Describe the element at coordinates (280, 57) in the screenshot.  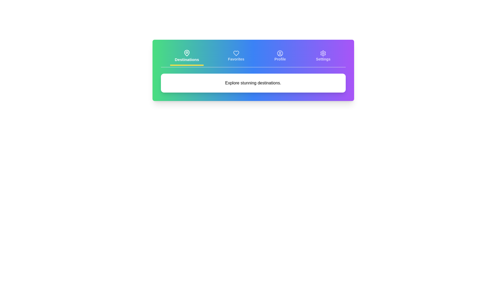
I see `the tab labeled Profile to preview its state change` at that location.